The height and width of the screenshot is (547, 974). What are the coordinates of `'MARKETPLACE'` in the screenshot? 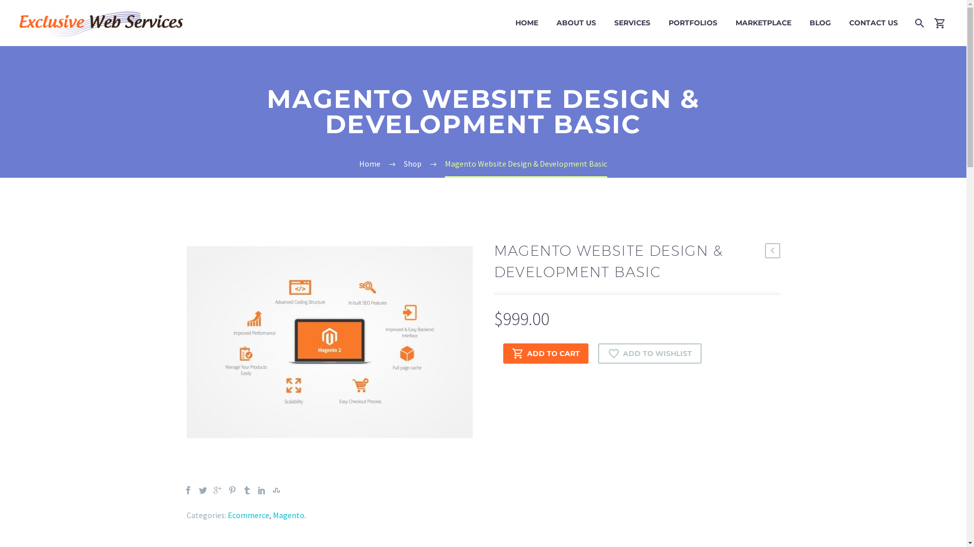 It's located at (763, 23).